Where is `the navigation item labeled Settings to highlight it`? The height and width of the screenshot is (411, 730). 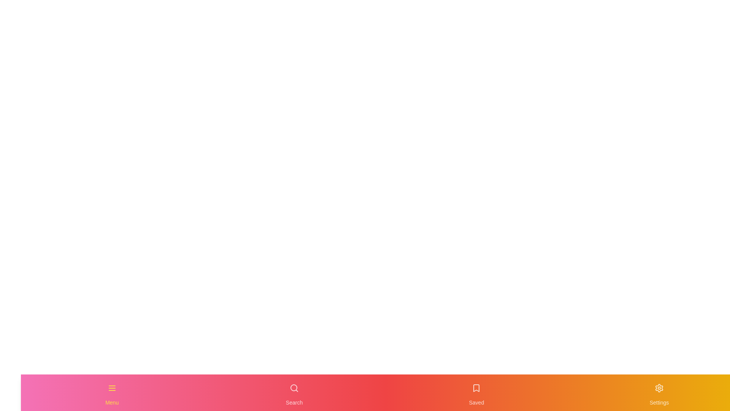
the navigation item labeled Settings to highlight it is located at coordinates (659, 393).